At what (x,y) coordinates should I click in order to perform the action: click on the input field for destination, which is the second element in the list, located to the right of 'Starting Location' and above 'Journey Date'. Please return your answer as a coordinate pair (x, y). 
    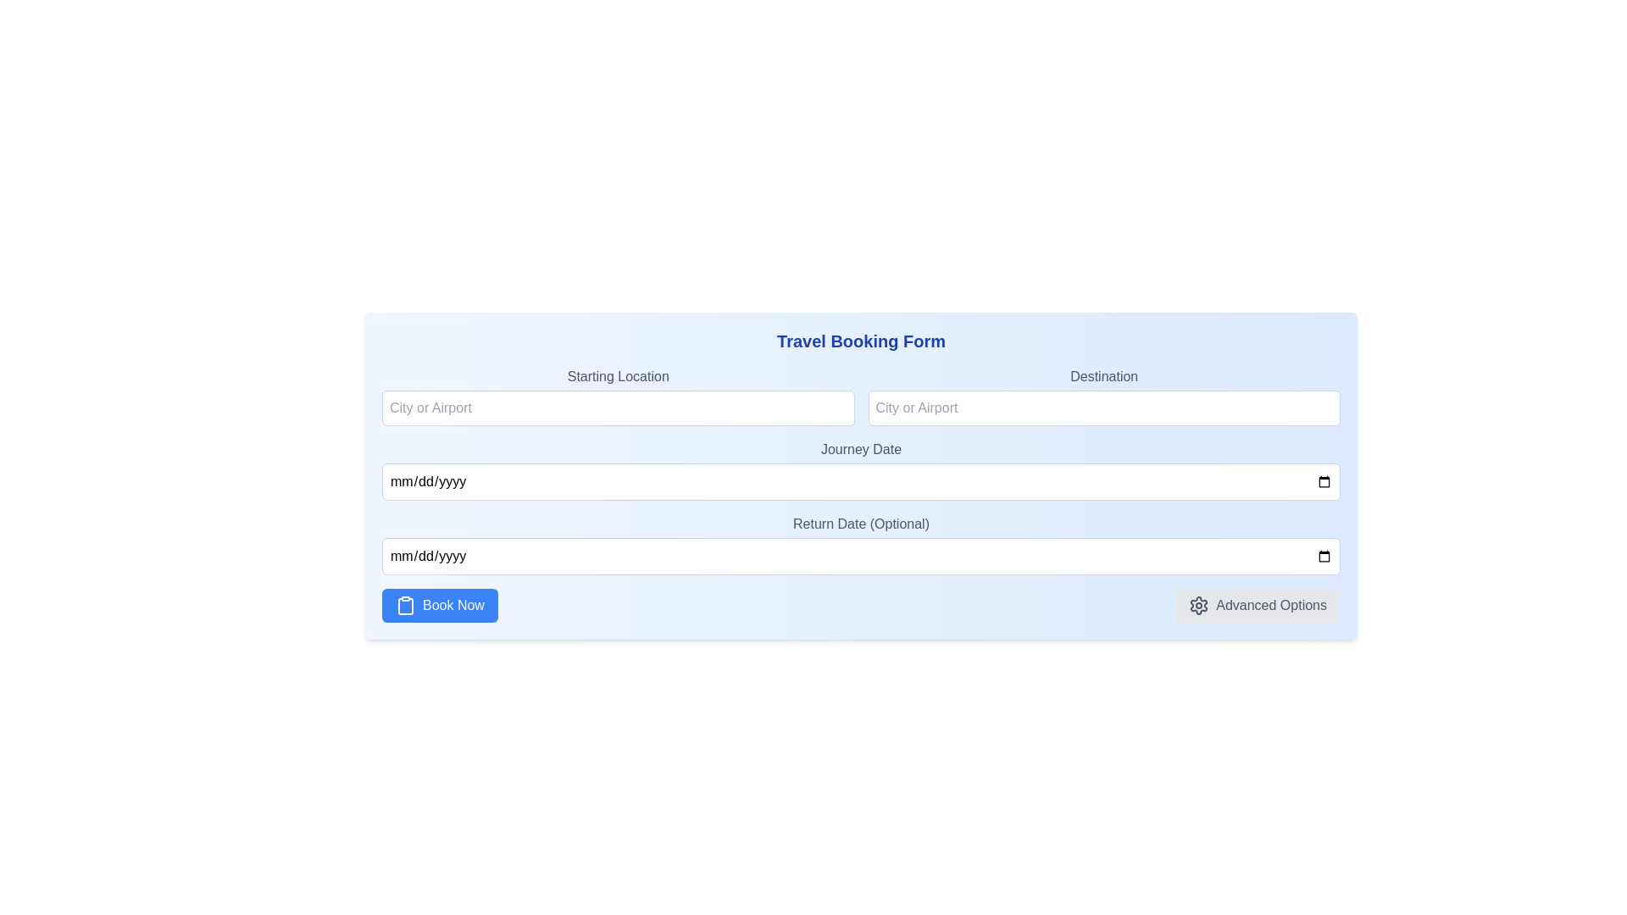
    Looking at the image, I should click on (1104, 396).